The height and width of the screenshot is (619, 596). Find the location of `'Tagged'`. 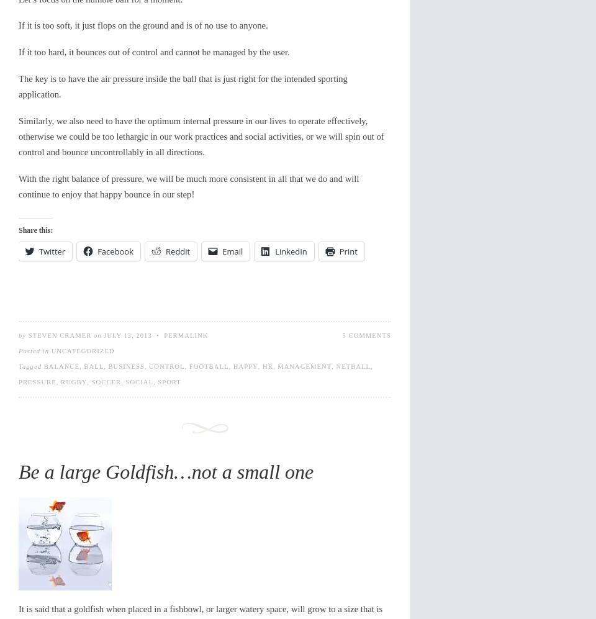

'Tagged' is located at coordinates (30, 366).